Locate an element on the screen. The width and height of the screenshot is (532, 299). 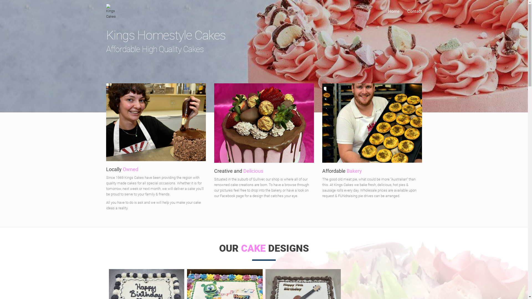
'Contact' is located at coordinates (403, 11).